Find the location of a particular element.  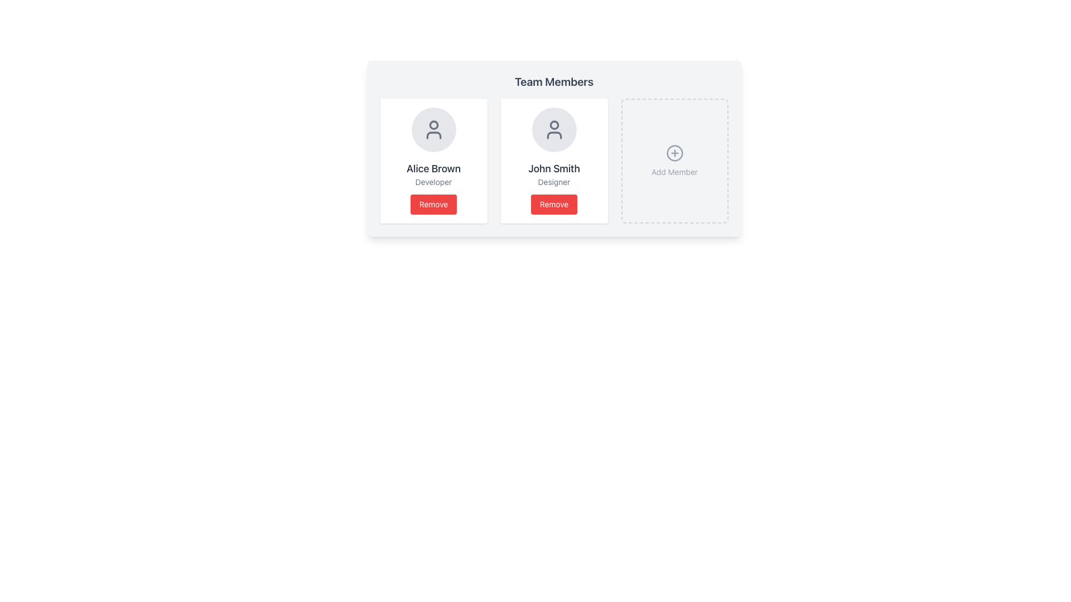

the user icon element located in the 'Team Members' row, positioned centrally above the name 'John Smith' and their role 'Designer' is located at coordinates (554, 129).